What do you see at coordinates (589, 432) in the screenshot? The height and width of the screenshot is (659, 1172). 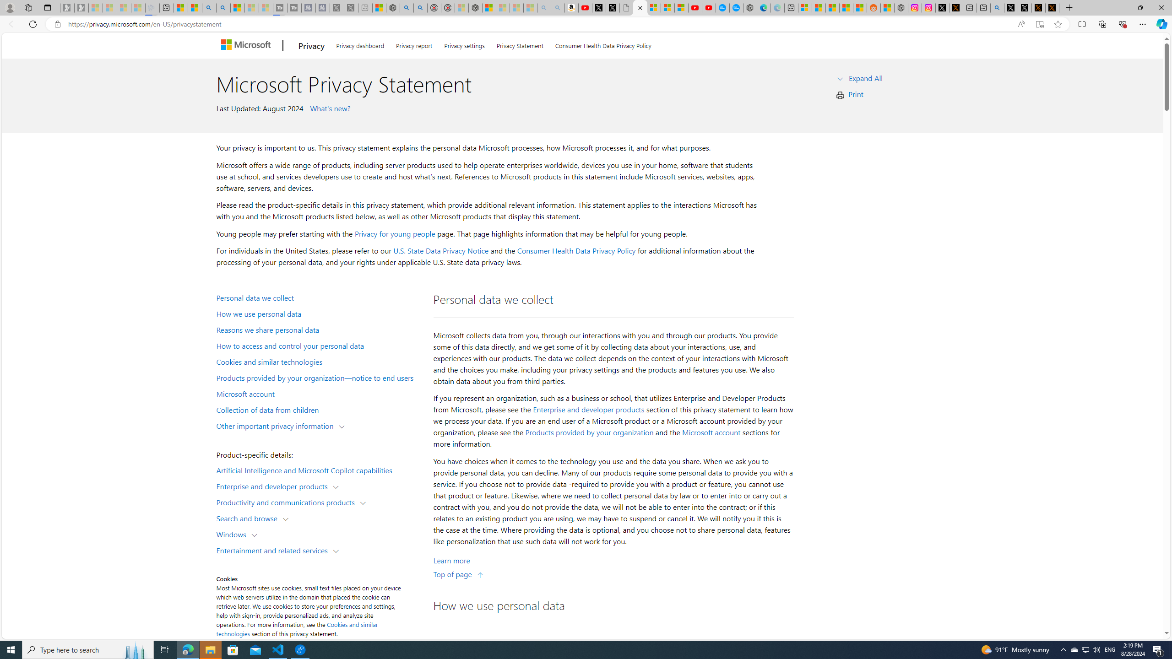 I see `'Products provided by your organization'` at bounding box center [589, 432].